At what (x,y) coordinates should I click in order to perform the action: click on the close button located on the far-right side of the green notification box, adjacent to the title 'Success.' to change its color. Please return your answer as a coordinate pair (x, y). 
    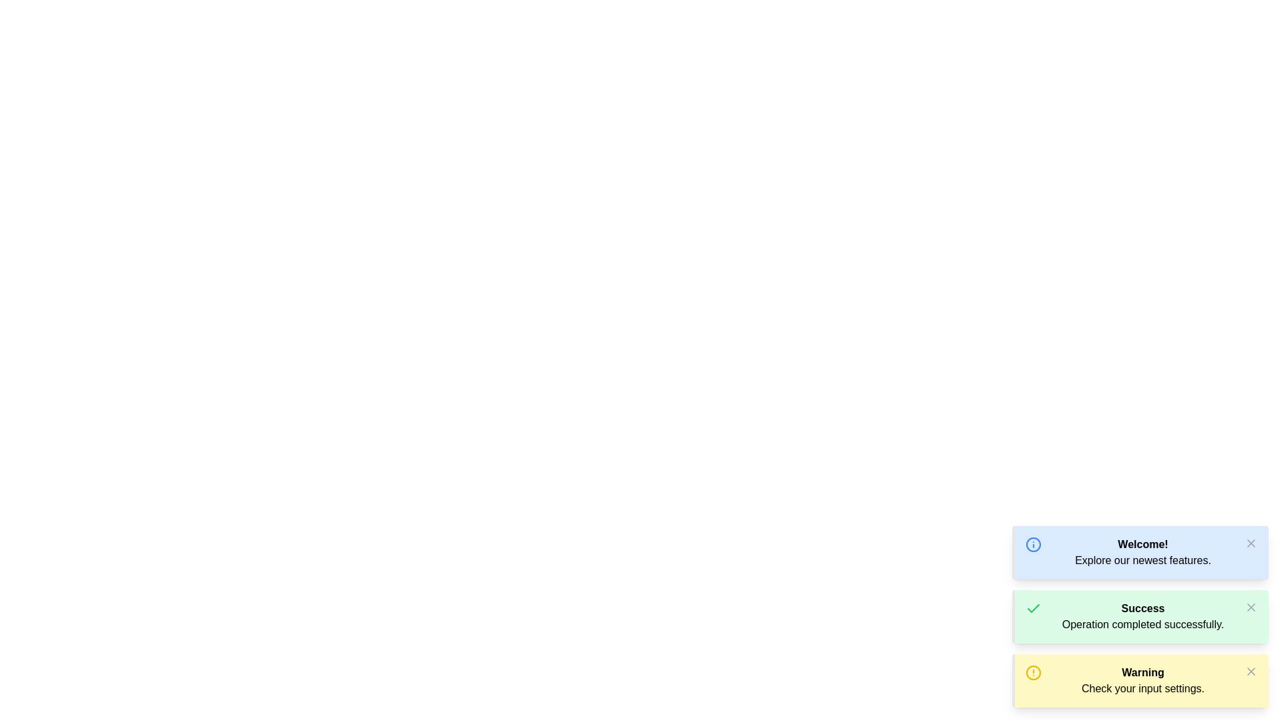
    Looking at the image, I should click on (1250, 608).